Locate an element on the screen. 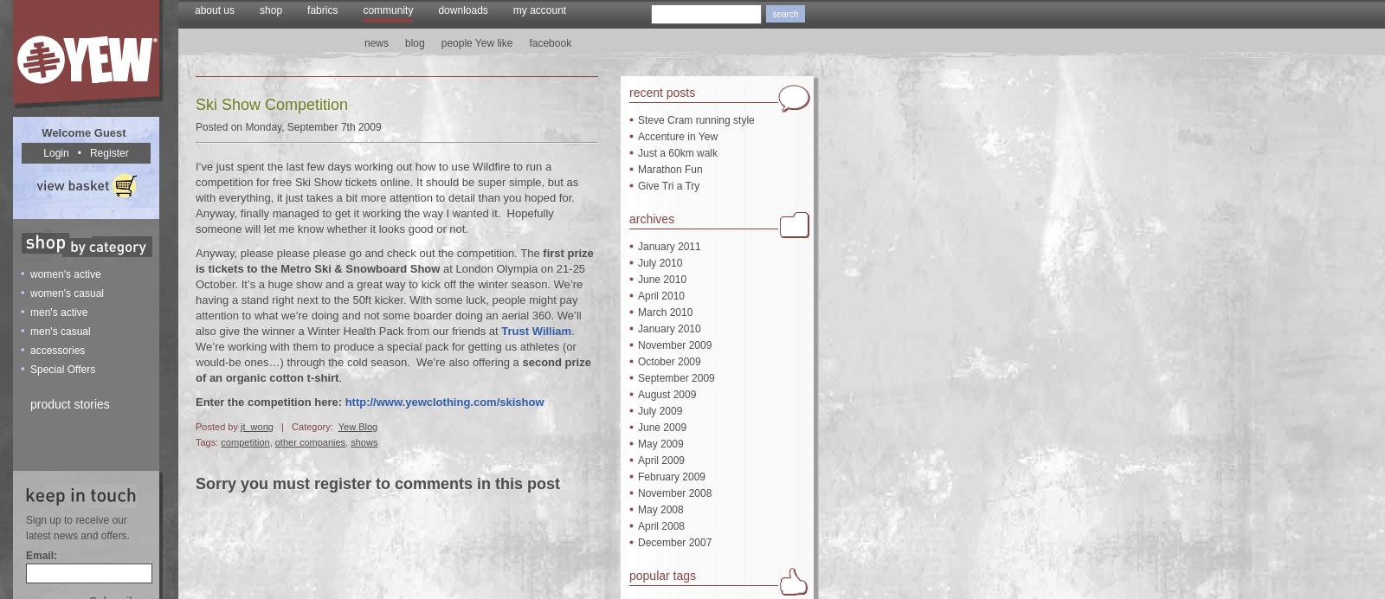 Image resolution: width=1385 pixels, height=599 pixels. 'May 2009' is located at coordinates (660, 442).